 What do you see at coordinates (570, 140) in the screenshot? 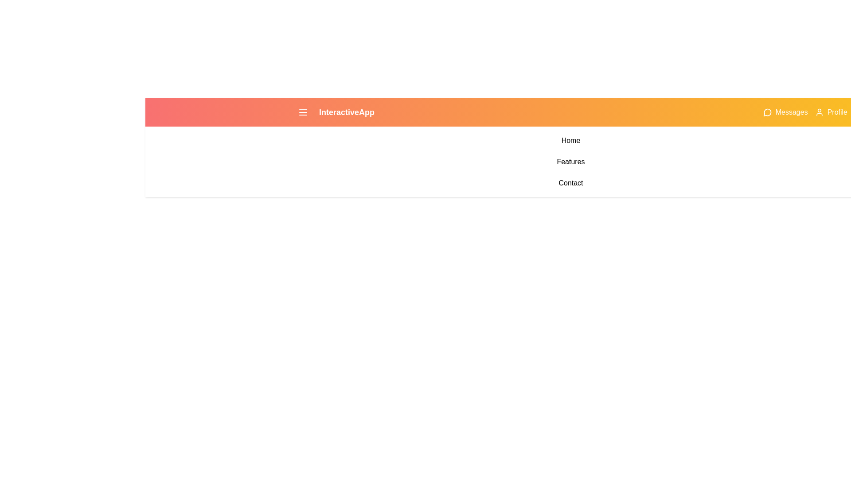
I see `the menu item Home to navigate to the corresponding section` at bounding box center [570, 140].